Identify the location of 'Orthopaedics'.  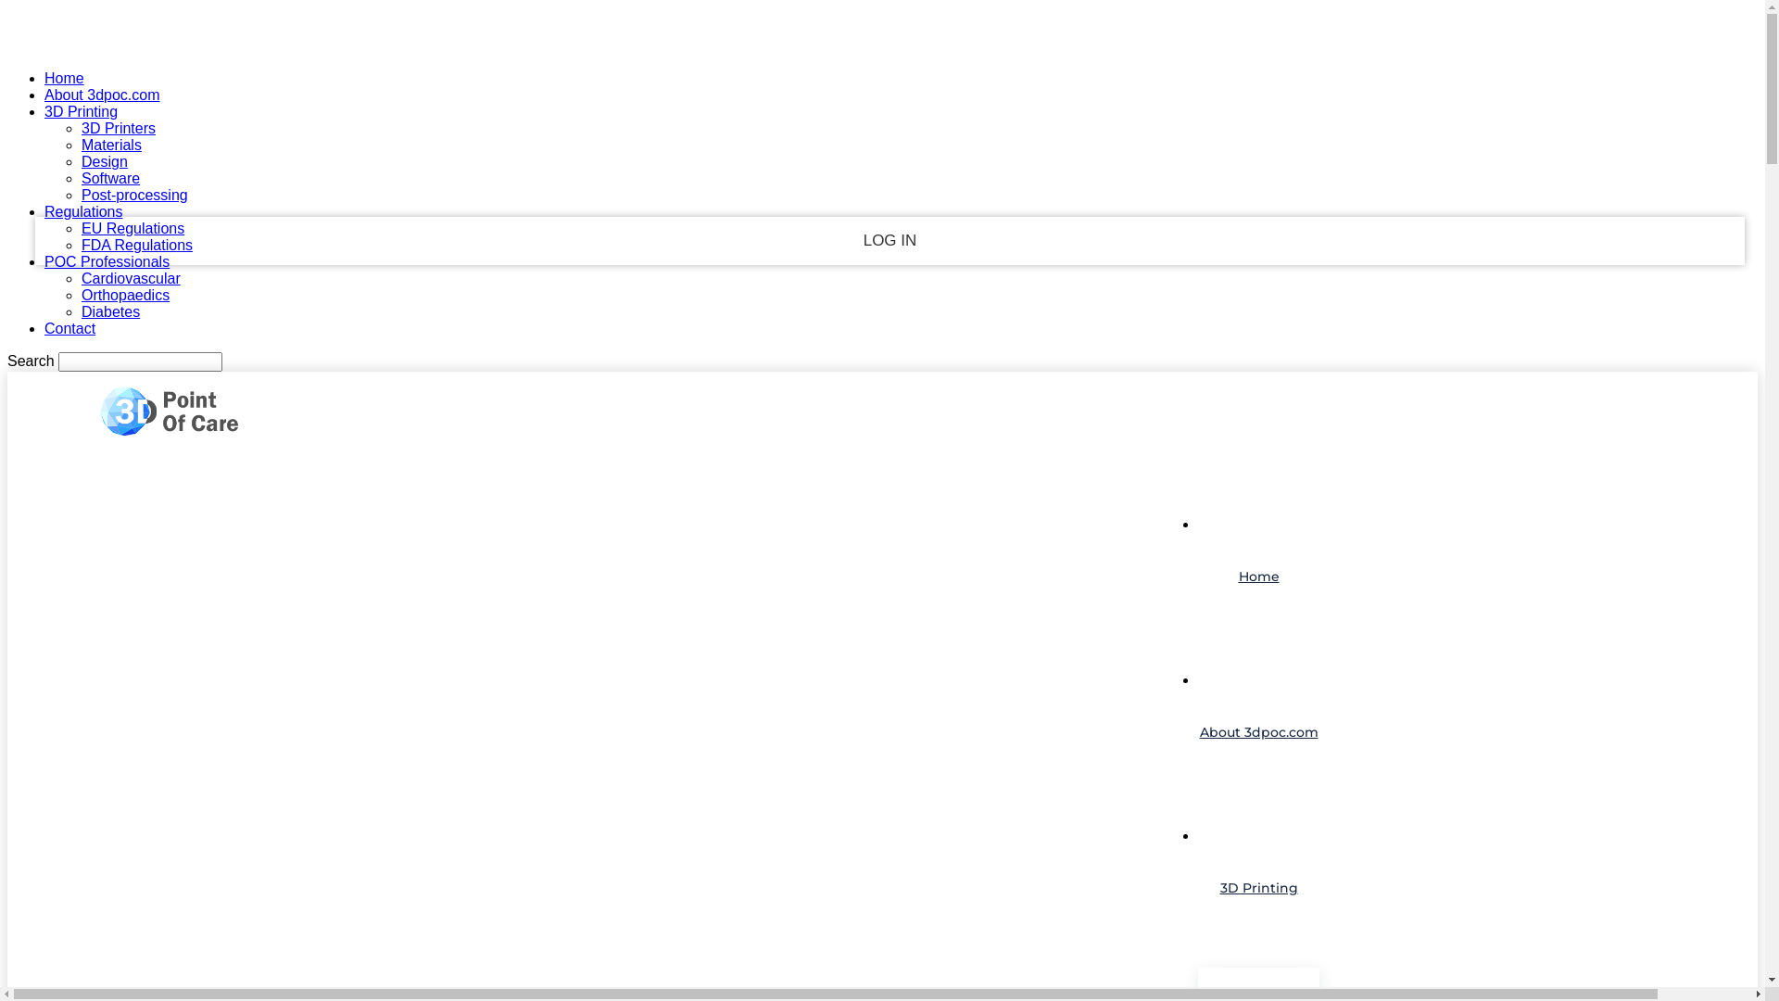
(124, 294).